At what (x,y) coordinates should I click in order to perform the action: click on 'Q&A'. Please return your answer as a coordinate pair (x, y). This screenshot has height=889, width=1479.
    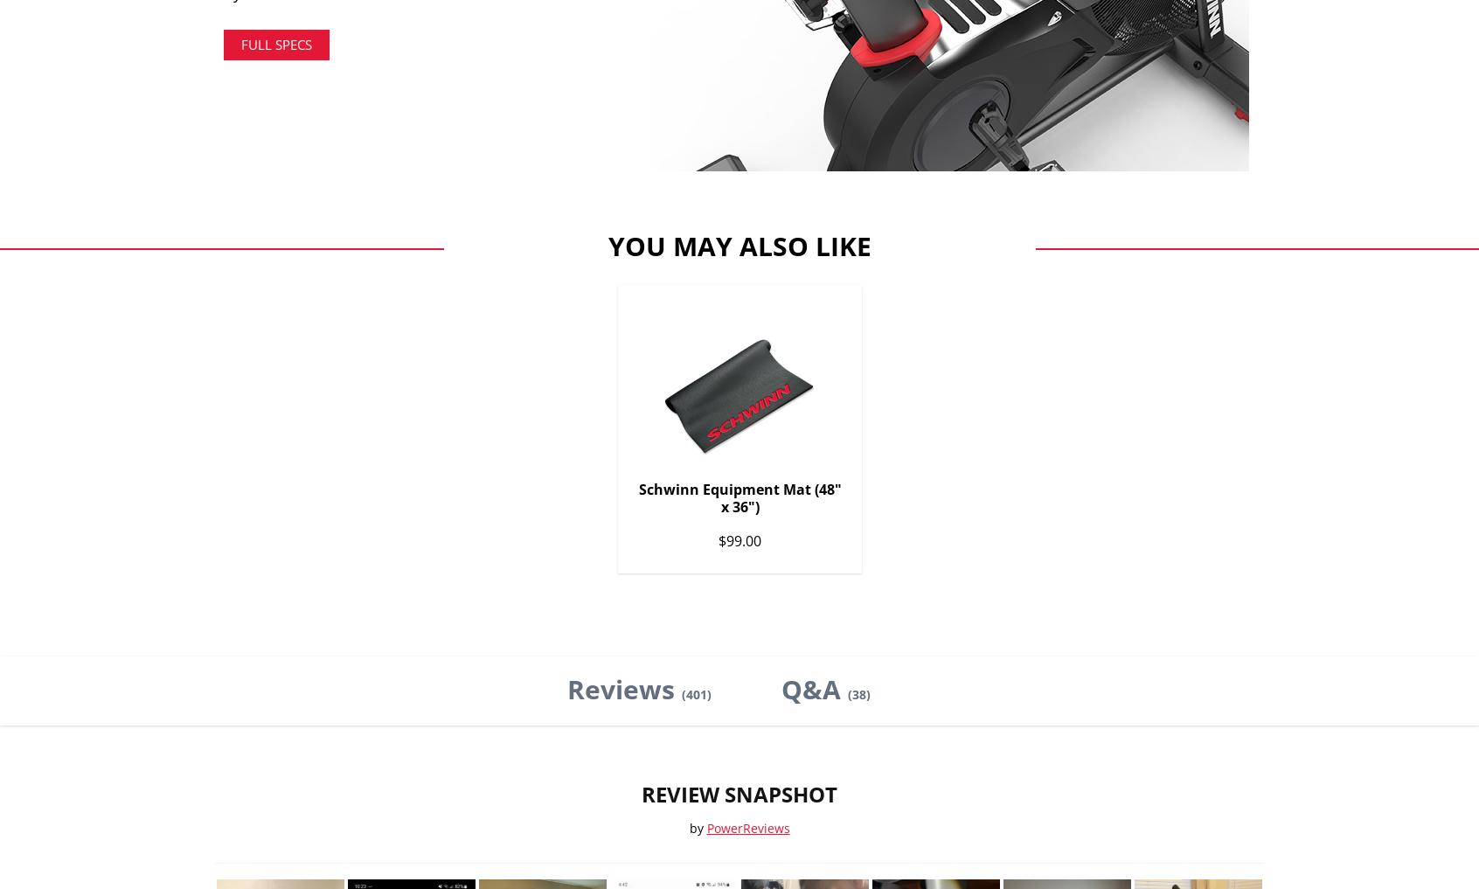
    Looking at the image, I should click on (813, 688).